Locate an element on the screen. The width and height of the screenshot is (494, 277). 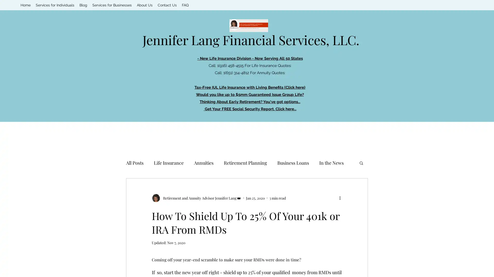
Search is located at coordinates (361, 163).